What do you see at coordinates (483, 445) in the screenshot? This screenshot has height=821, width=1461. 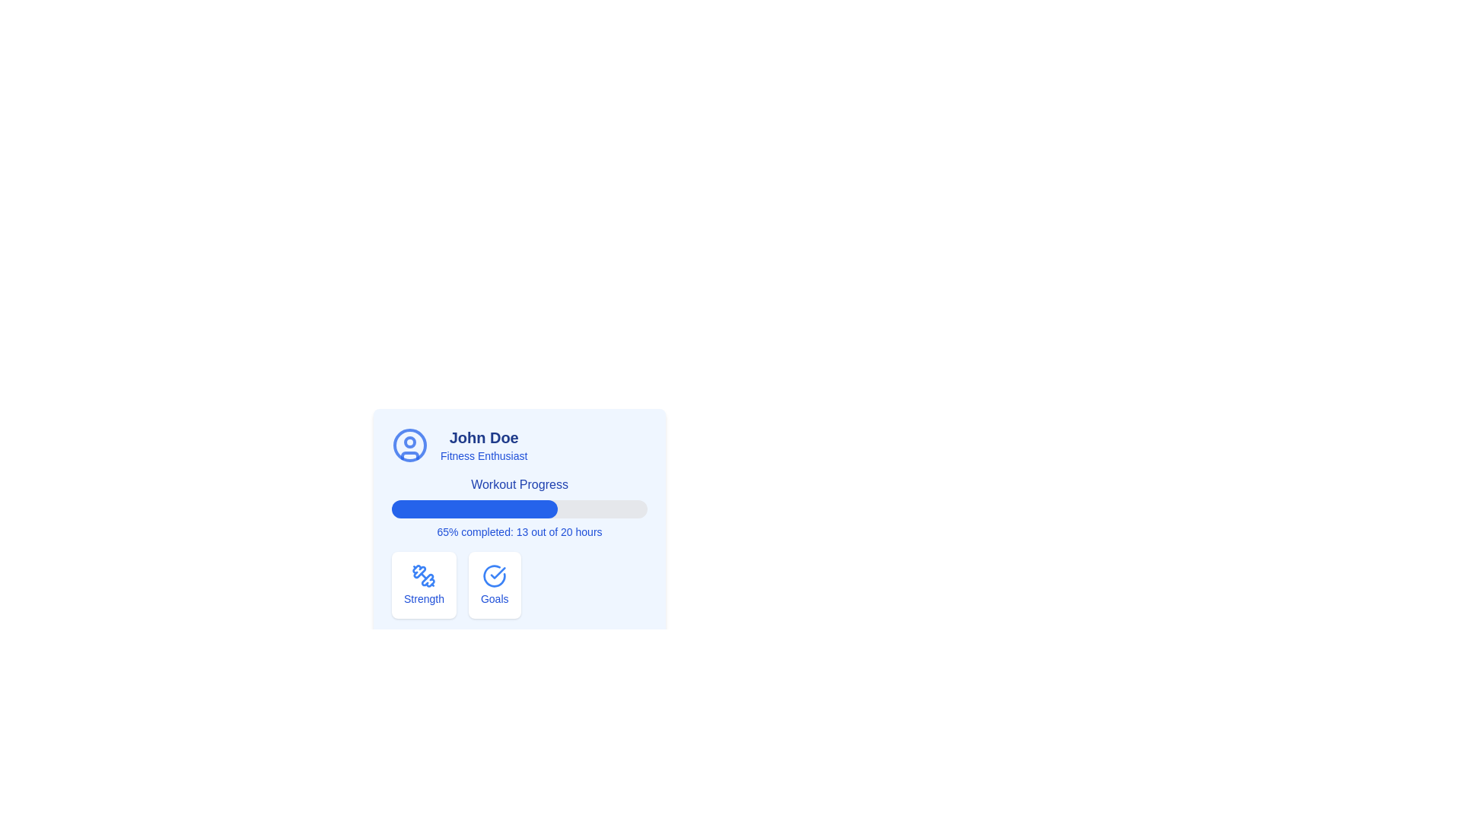 I see `the Text label displaying the username and descriptive title, located to the right of the circular user icon and above the 'Workout Progress' section in the card layout` at bounding box center [483, 445].